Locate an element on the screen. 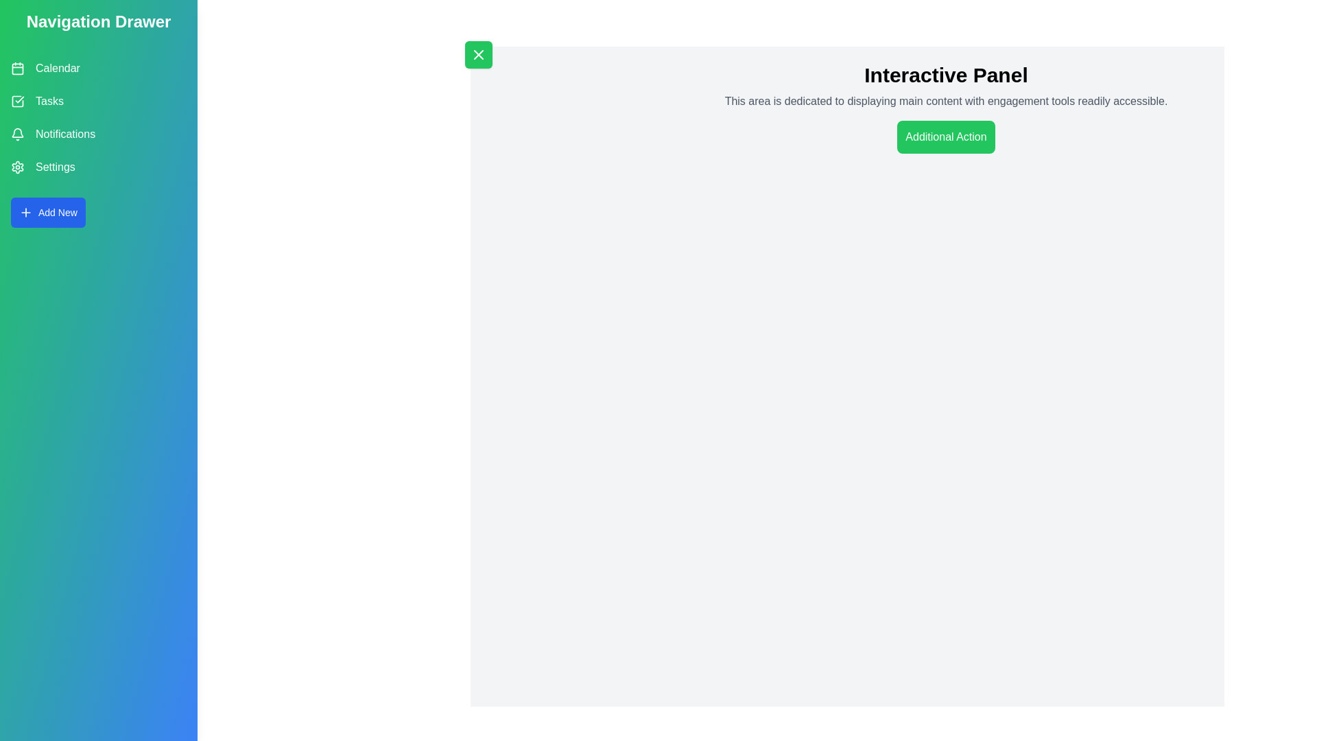 The height and width of the screenshot is (741, 1317). the calendar icon located in the navigation drawer, which is represented with a square outline and two markers at the top is located at coordinates (17, 69).